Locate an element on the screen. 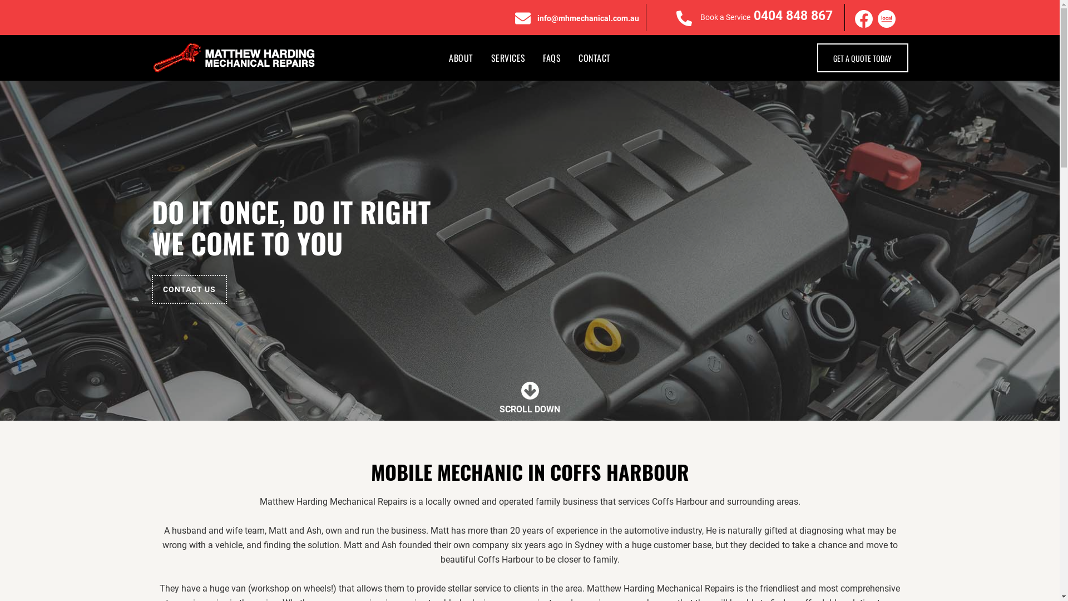 This screenshot has width=1068, height=601. 'FAQS' is located at coordinates (552, 58).